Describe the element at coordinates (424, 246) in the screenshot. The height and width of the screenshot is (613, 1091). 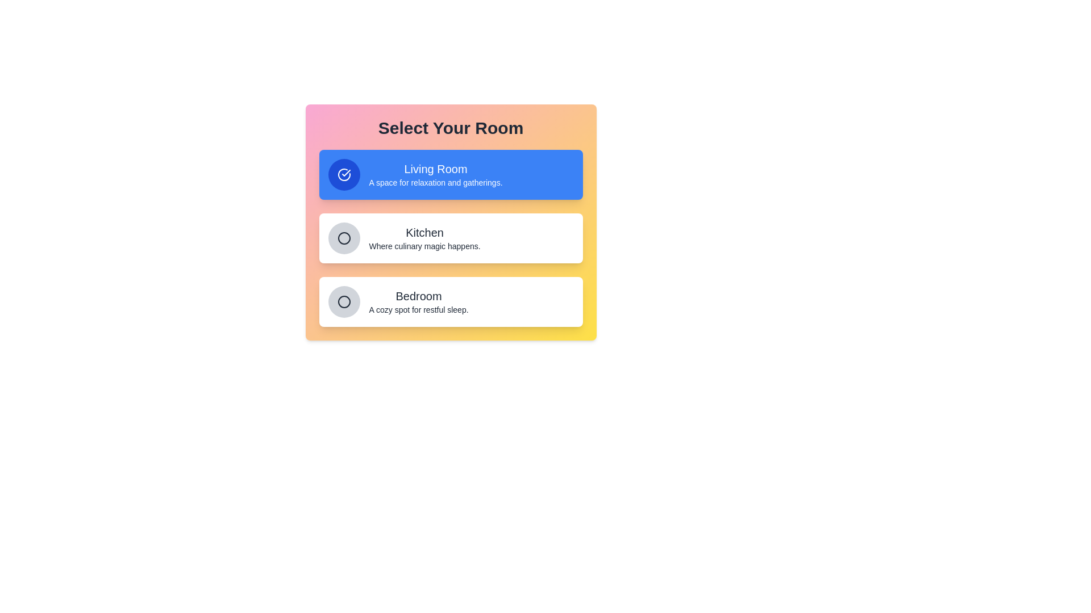
I see `text 'Where culinary magic happens.' displayed in a small font size below the 'Kitchen' label within the second selectable room option panel` at that location.